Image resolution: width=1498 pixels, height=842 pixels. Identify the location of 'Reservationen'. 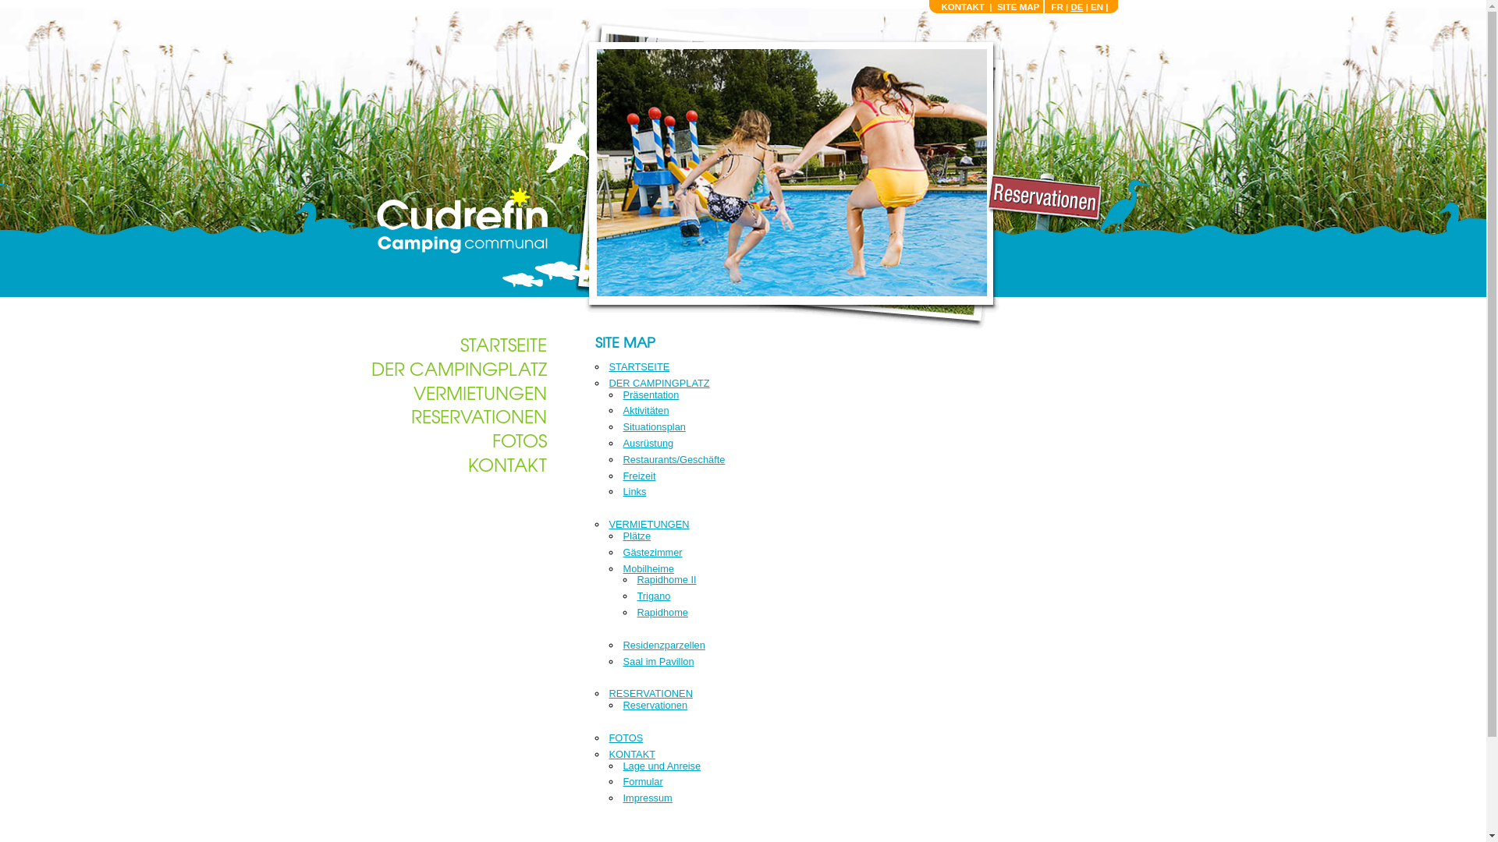
(655, 705).